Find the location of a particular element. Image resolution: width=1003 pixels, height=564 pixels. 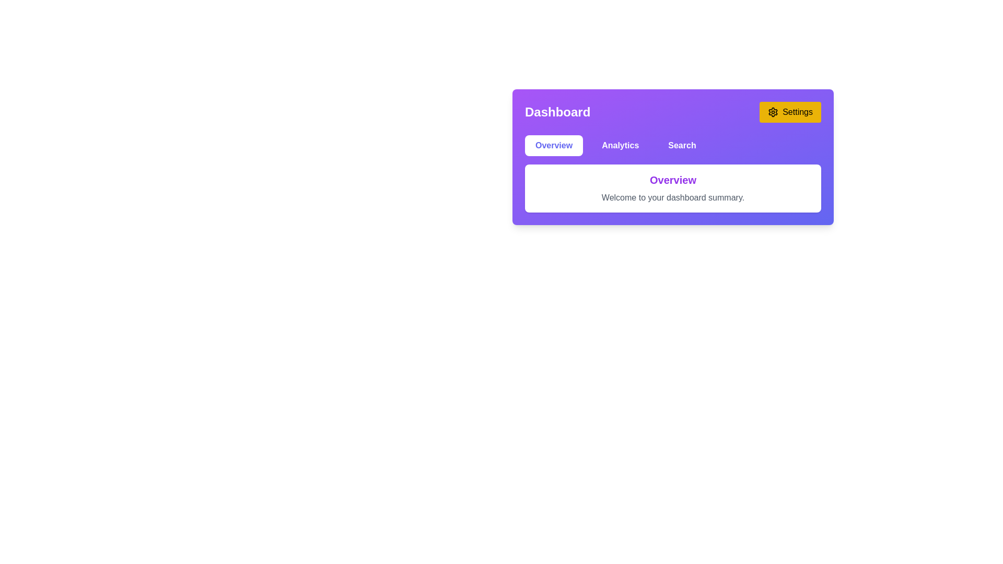

the 'Dashboard' text label, which is bold and white against a purple background, located in the top-left corner of the header section is located at coordinates (557, 112).